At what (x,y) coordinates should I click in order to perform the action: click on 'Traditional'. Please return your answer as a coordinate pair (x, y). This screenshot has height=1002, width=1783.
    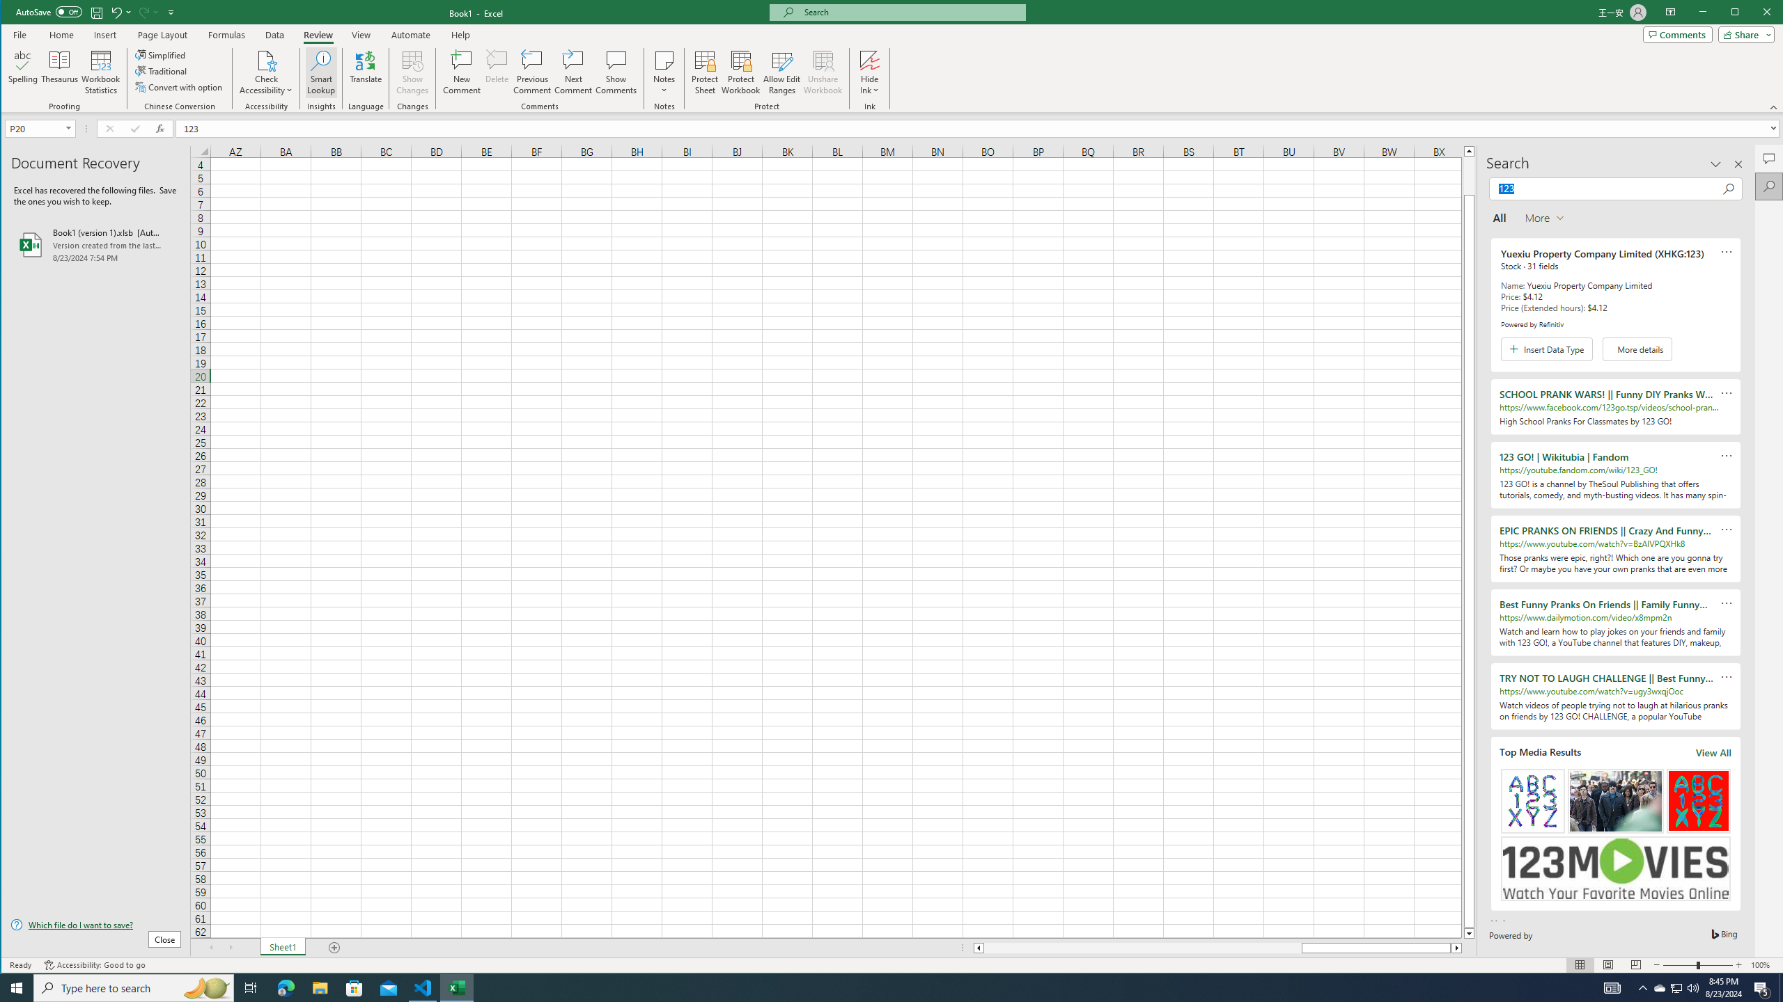
    Looking at the image, I should click on (162, 71).